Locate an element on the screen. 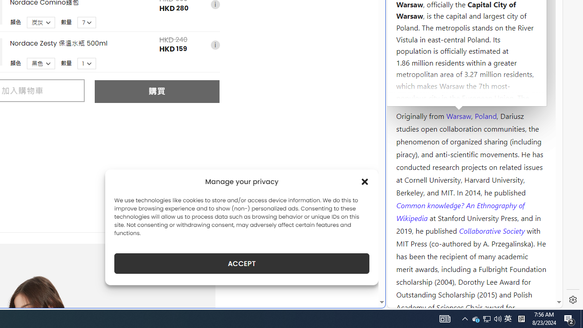 The height and width of the screenshot is (328, 583). 'Collaborative Society ' is located at coordinates (492, 230).